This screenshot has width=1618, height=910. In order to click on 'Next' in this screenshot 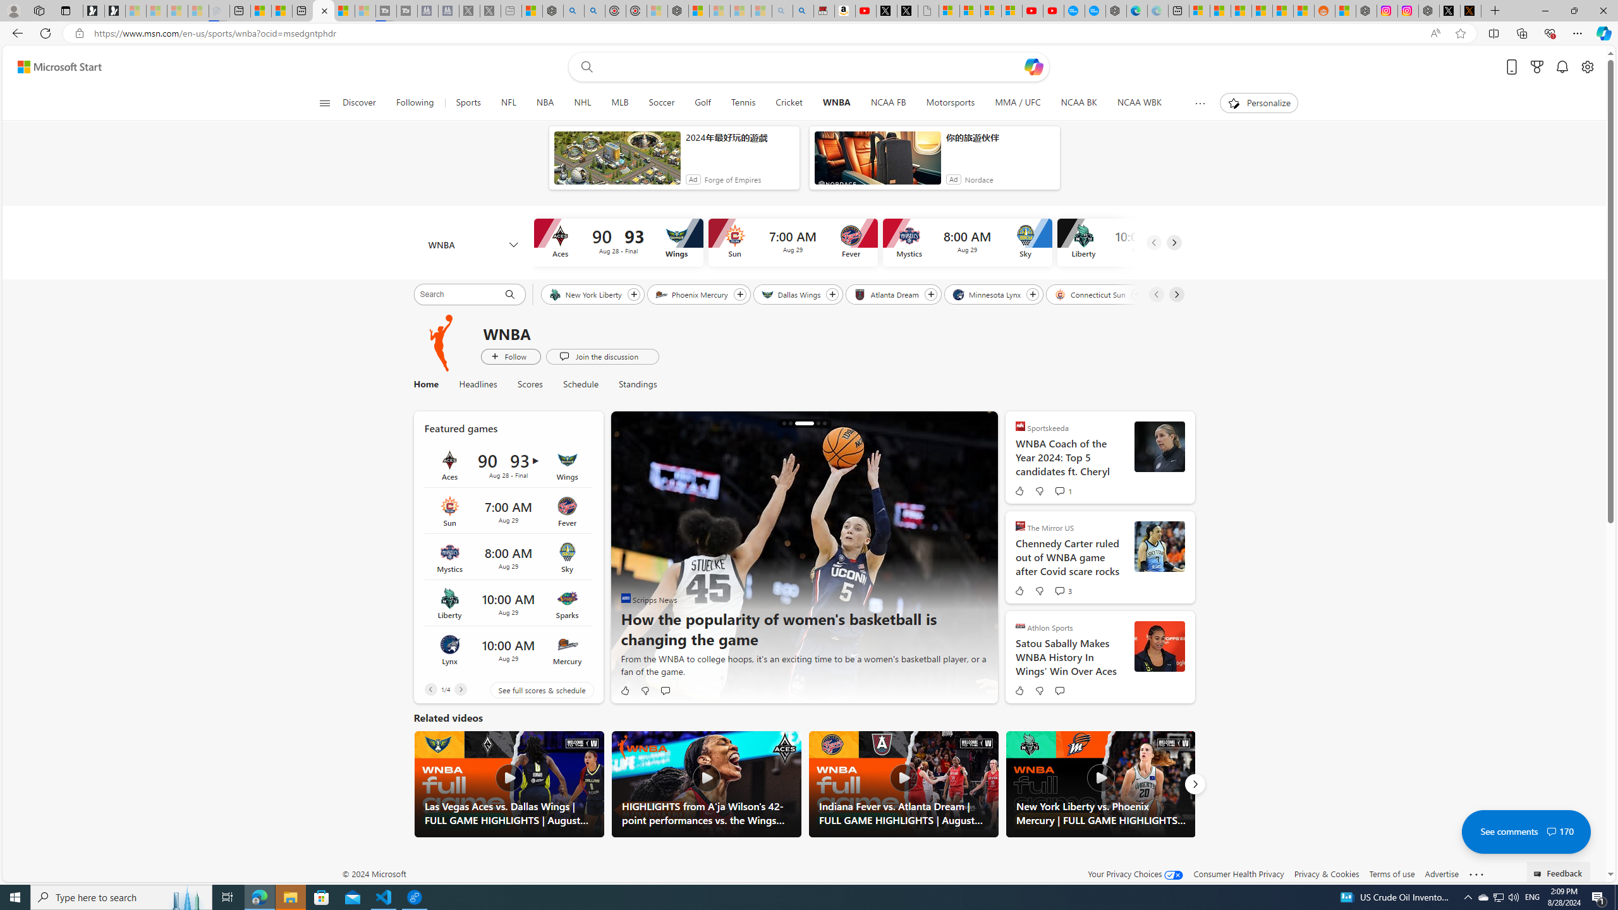, I will do `click(1195, 784)`.